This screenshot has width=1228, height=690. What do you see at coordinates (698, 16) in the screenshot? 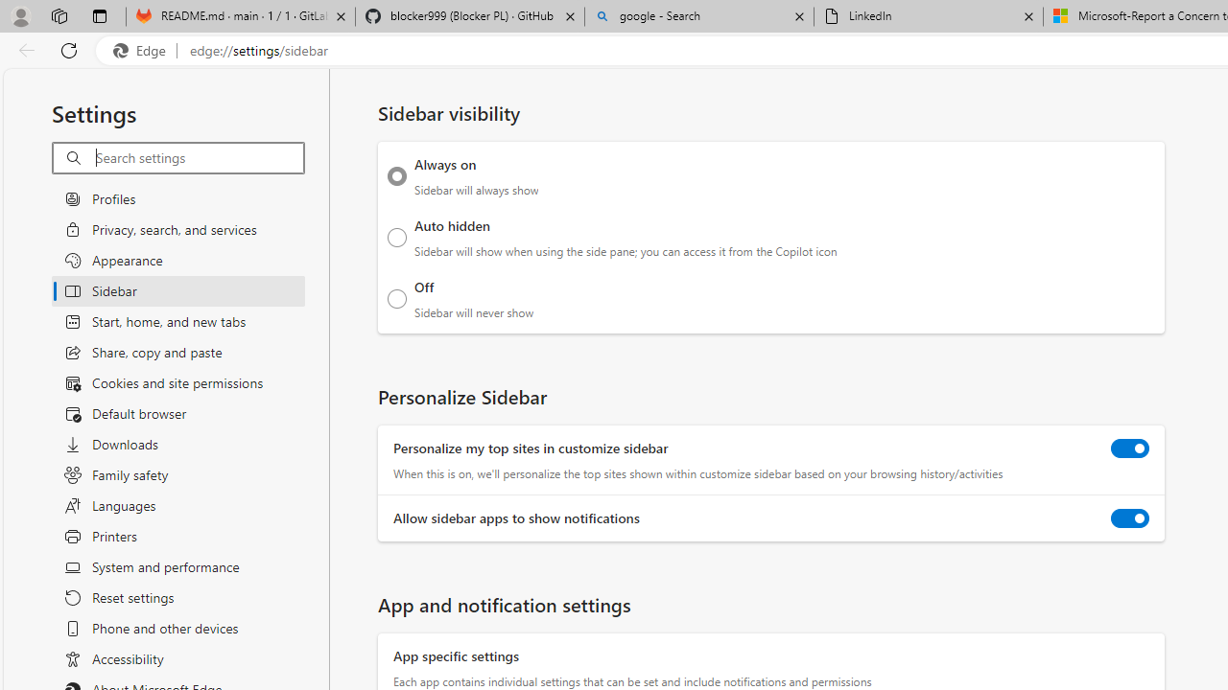
I see `'google - Search'` at bounding box center [698, 16].